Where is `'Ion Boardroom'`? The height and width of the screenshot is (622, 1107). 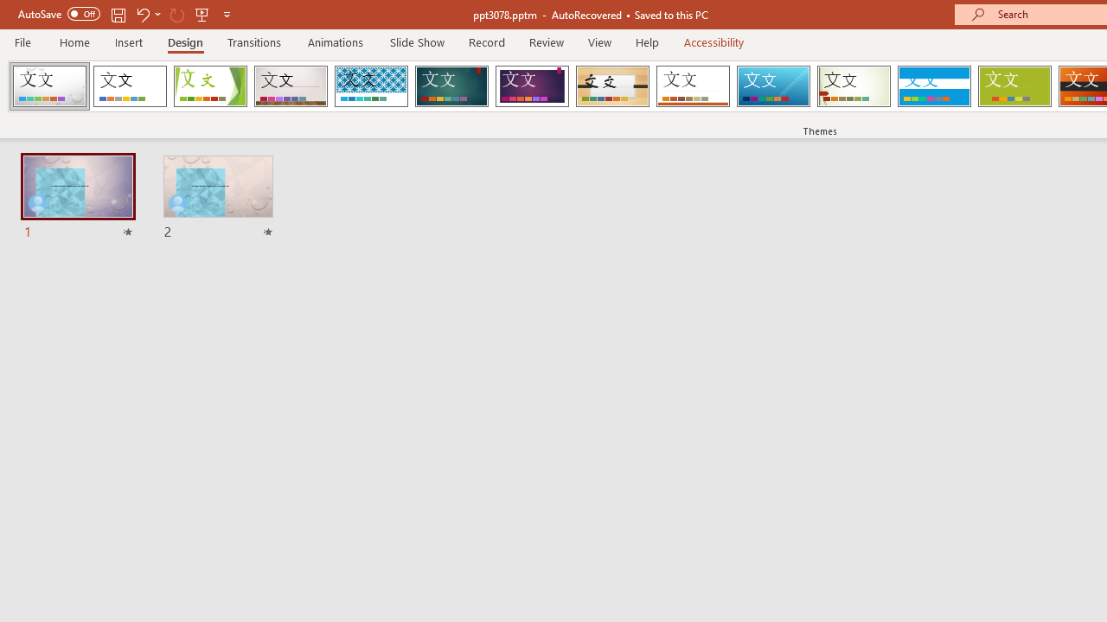 'Ion Boardroom' is located at coordinates (531, 86).